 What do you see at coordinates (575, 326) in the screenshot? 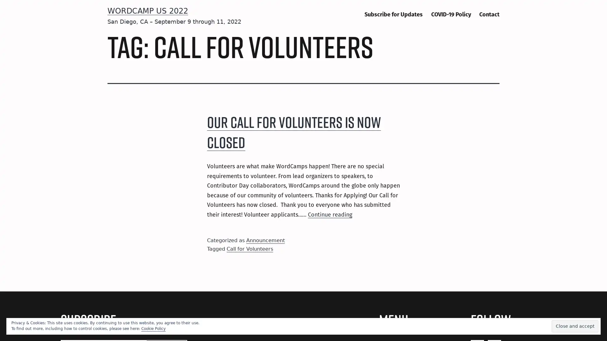
I see `Close and accept` at bounding box center [575, 326].